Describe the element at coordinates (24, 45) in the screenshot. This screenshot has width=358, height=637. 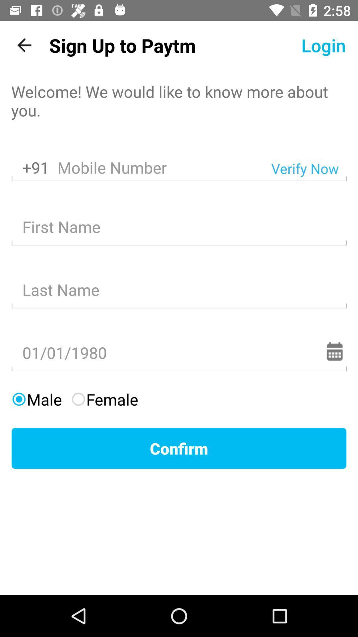
I see `the icon above the welcome we would` at that location.